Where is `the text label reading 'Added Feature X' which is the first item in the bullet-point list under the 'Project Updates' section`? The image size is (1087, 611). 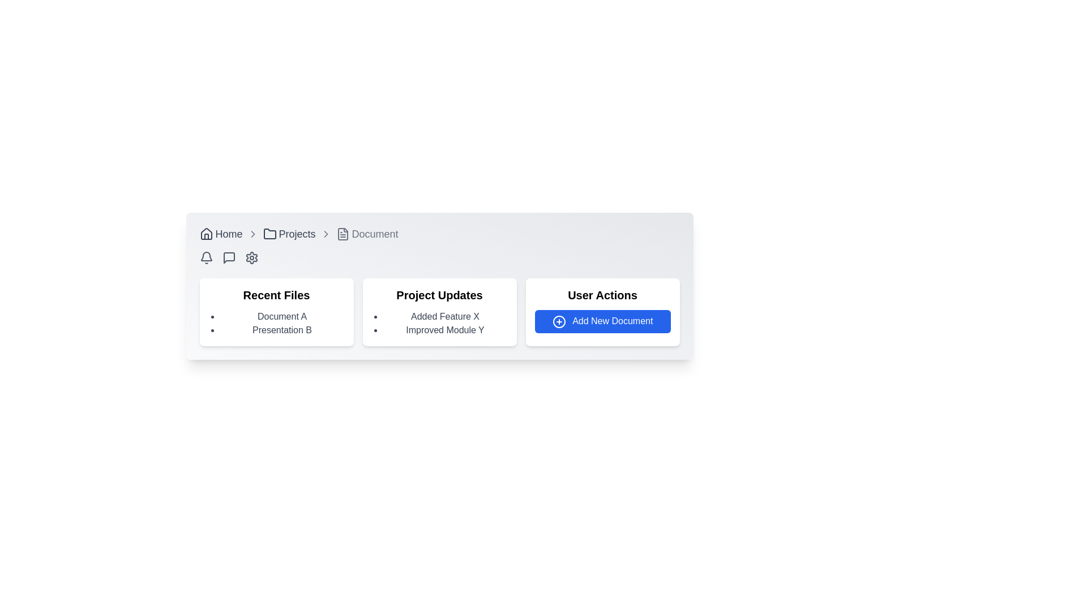
the text label reading 'Added Feature X' which is the first item in the bullet-point list under the 'Project Updates' section is located at coordinates (444, 316).